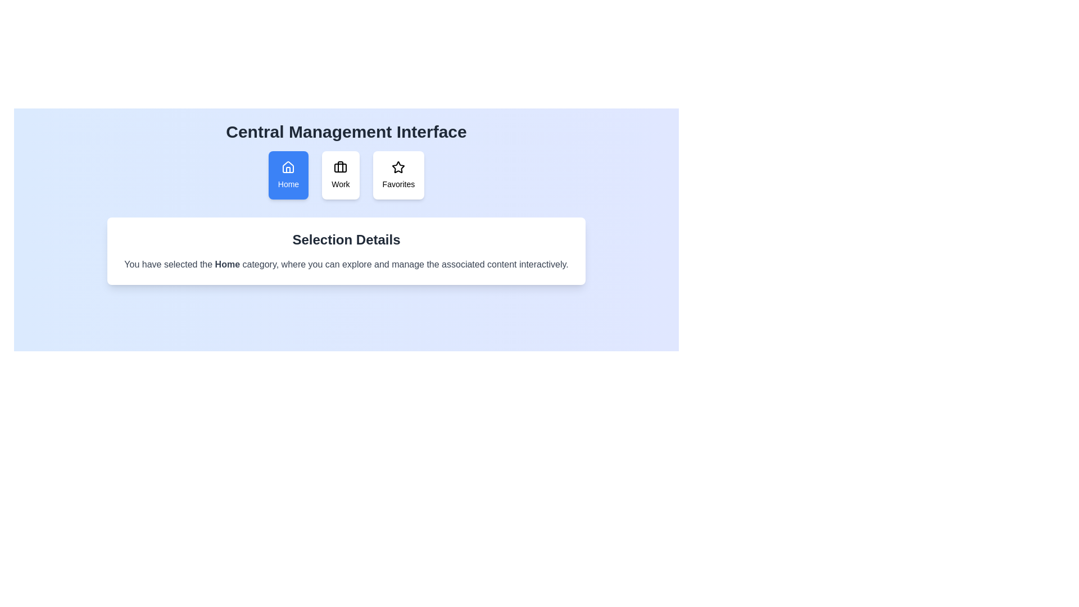 Image resolution: width=1079 pixels, height=607 pixels. Describe the element at coordinates (398, 167) in the screenshot. I see `the hollow star icon with black outlines located above the 'Favorites' label in the third card of the three-card layout` at that location.